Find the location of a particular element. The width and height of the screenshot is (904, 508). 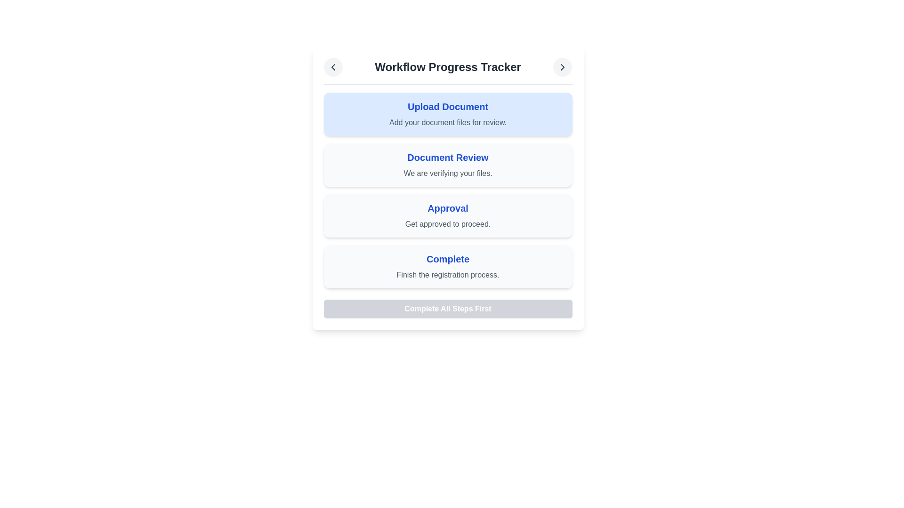

the left-pointing chevron button located on the left side of the header labeled 'Workflow Progress Tracker' is located at coordinates (333, 66).